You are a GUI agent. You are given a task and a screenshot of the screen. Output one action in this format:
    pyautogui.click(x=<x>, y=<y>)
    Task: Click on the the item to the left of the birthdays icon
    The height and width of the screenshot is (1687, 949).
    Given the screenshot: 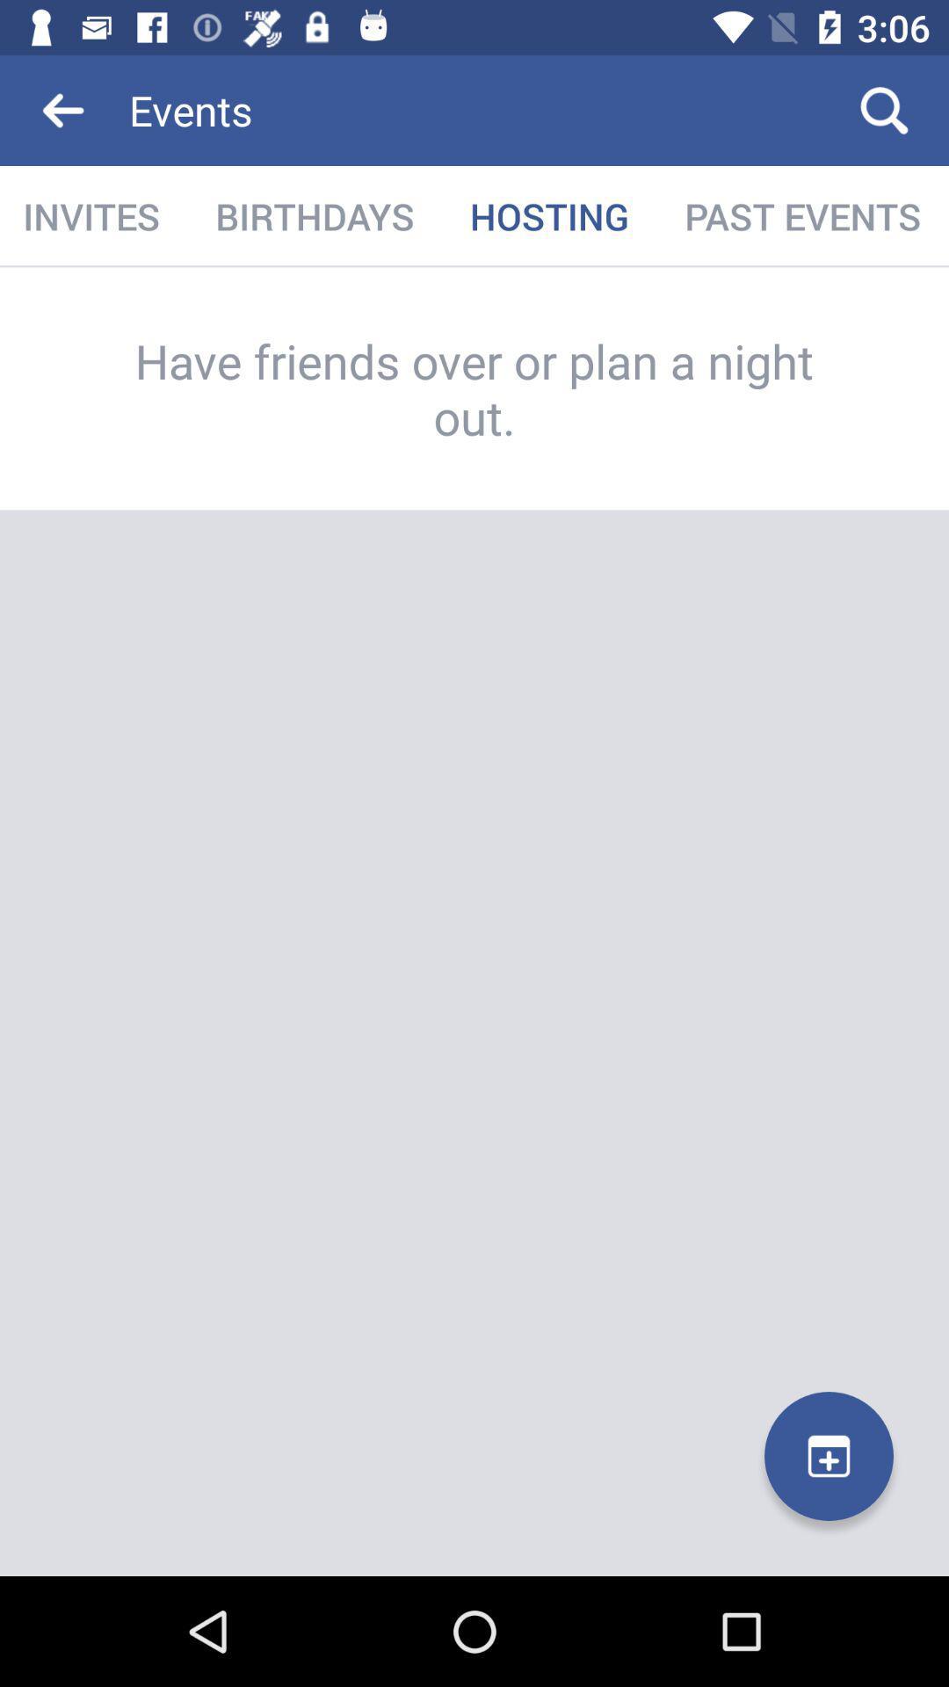 What is the action you would take?
    pyautogui.click(x=93, y=215)
    